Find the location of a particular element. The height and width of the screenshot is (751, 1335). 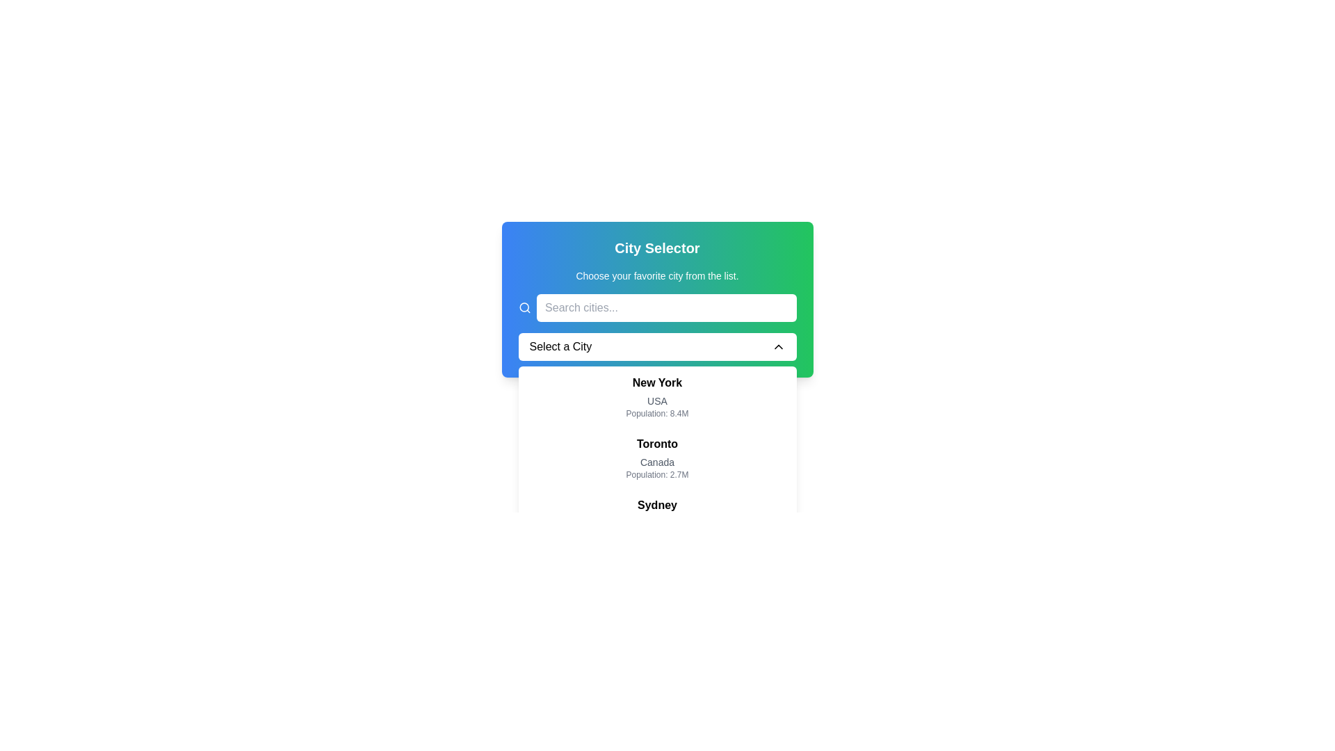

the text label displaying 'USA' in gray color, positioned below 'New York' in the dropdown menu is located at coordinates (656, 401).